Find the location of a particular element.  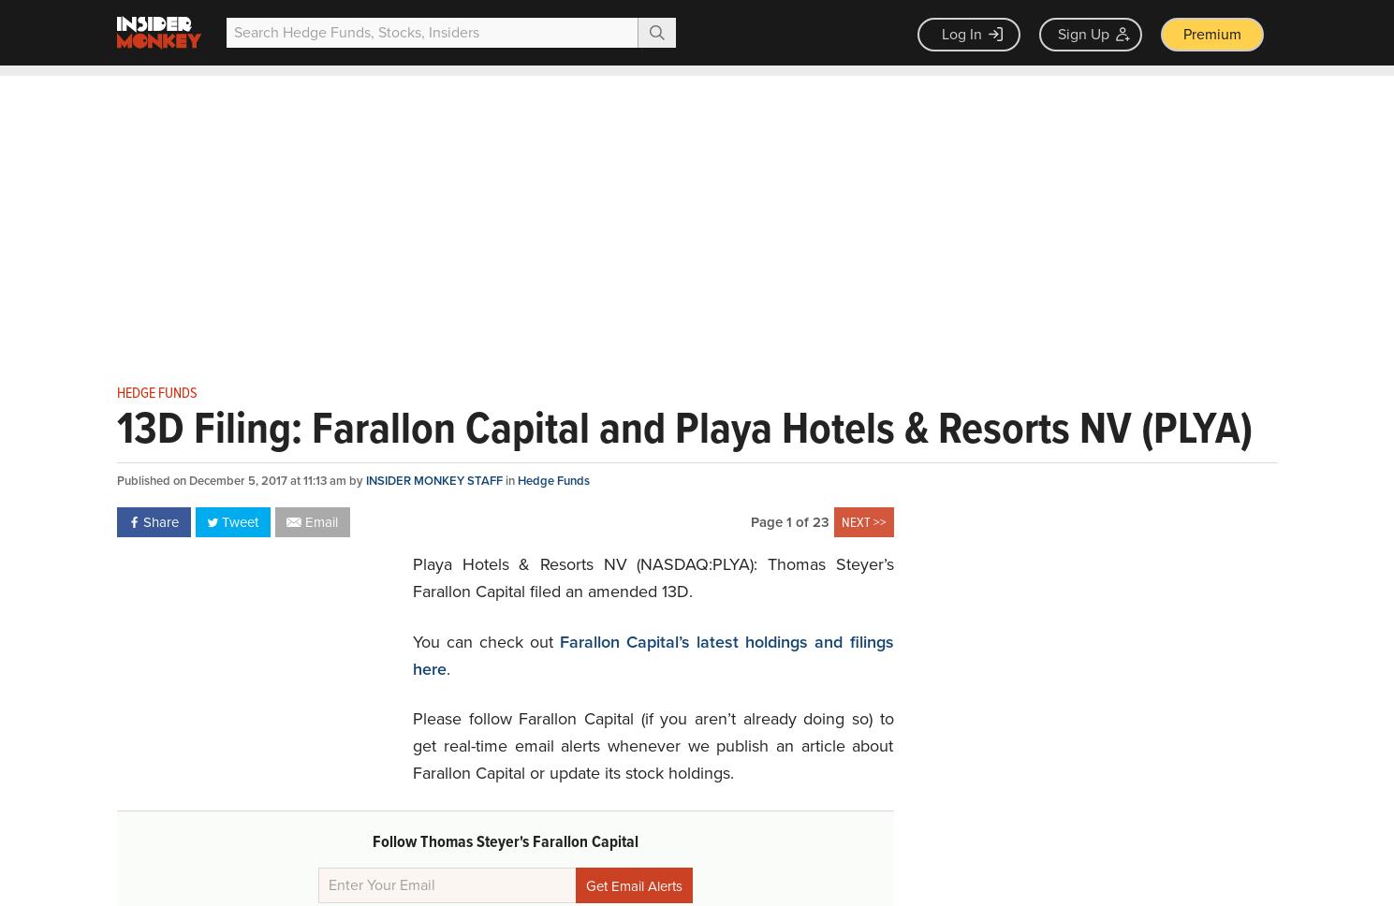

'Opinion' is located at coordinates (626, 83).